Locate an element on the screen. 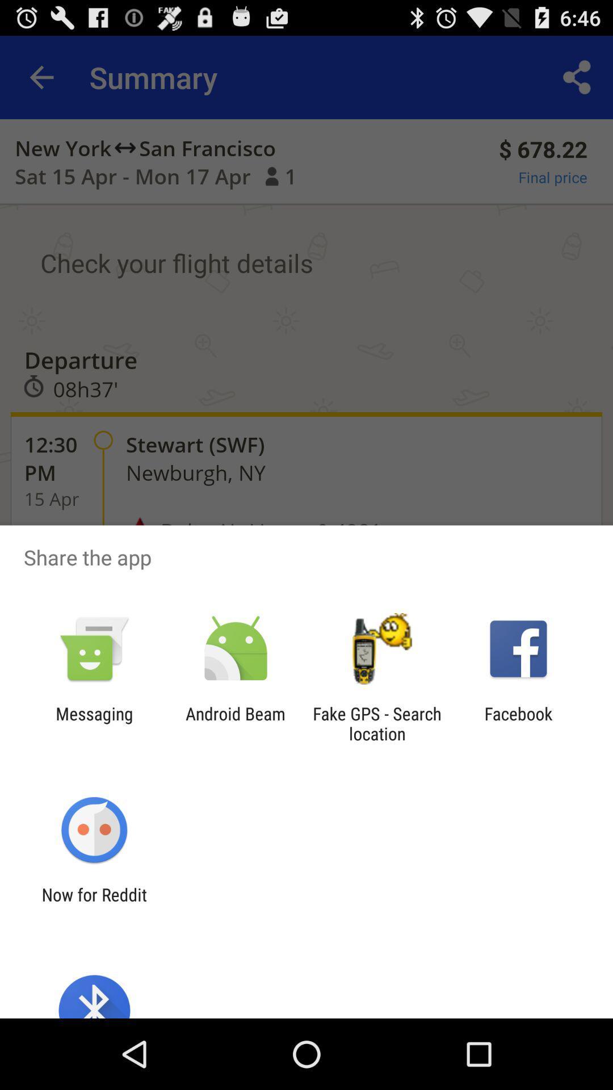 The image size is (613, 1090). icon to the right of fake gps search app is located at coordinates (518, 723).